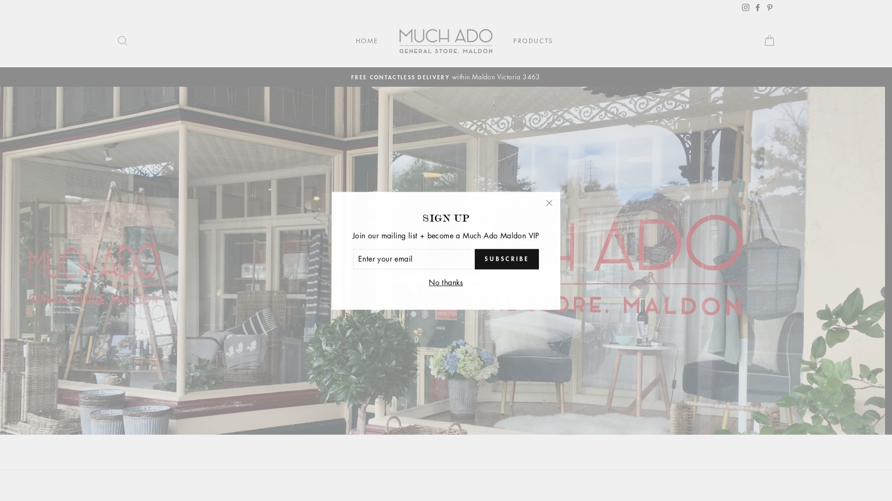 Image resolution: width=892 pixels, height=501 pixels. What do you see at coordinates (765, 40) in the screenshot?
I see `'CART'` at bounding box center [765, 40].